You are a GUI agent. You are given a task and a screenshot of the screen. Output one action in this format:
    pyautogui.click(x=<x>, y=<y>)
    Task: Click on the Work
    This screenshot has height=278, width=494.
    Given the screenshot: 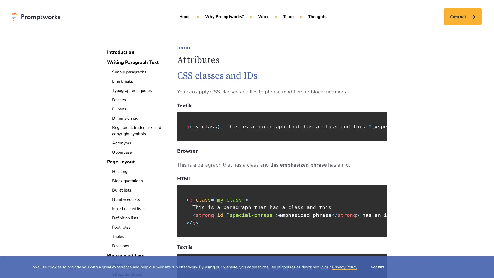 What is the action you would take?
    pyautogui.click(x=263, y=16)
    